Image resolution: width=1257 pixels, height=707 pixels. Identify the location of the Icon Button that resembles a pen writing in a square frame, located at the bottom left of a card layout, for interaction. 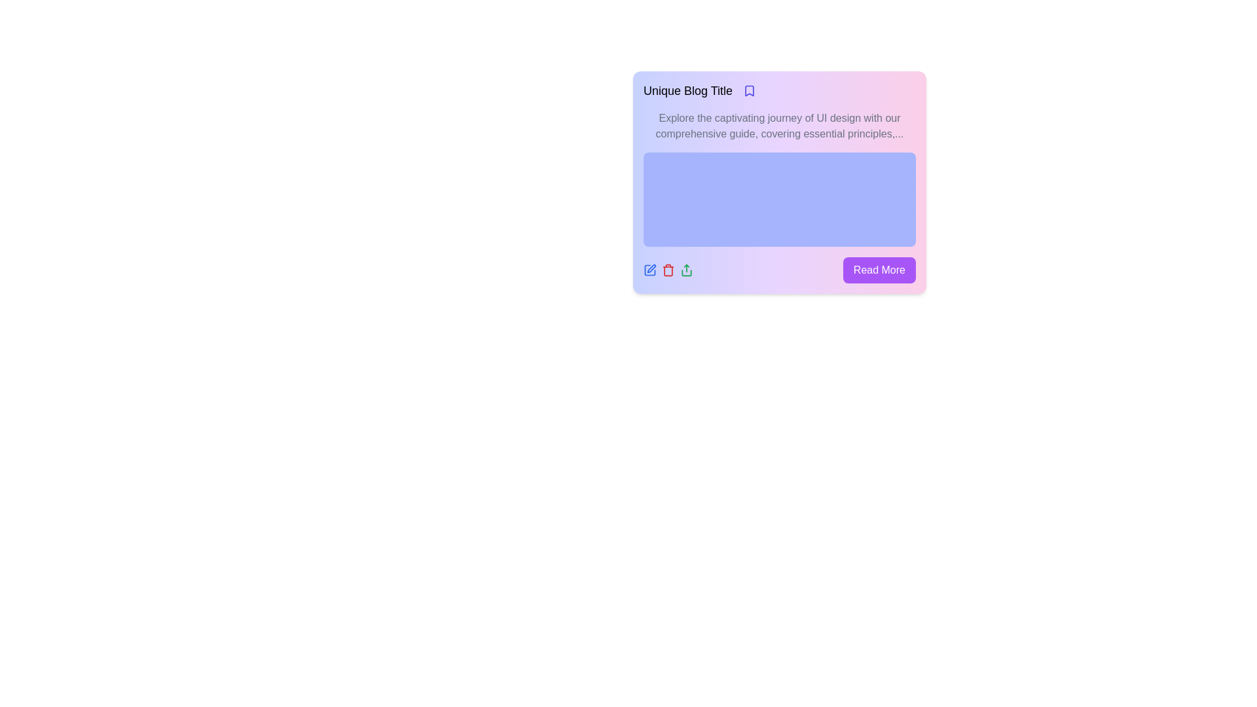
(650, 269).